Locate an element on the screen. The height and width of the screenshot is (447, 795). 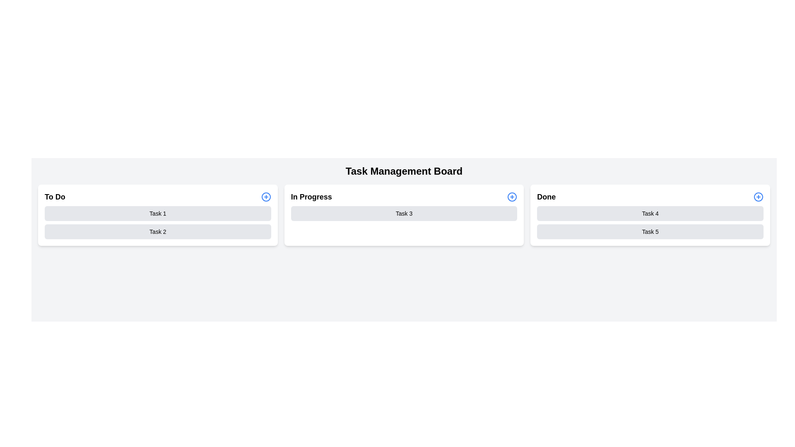
the 'Task 5' item in the 'Done' section of the task management board is located at coordinates (650, 222).